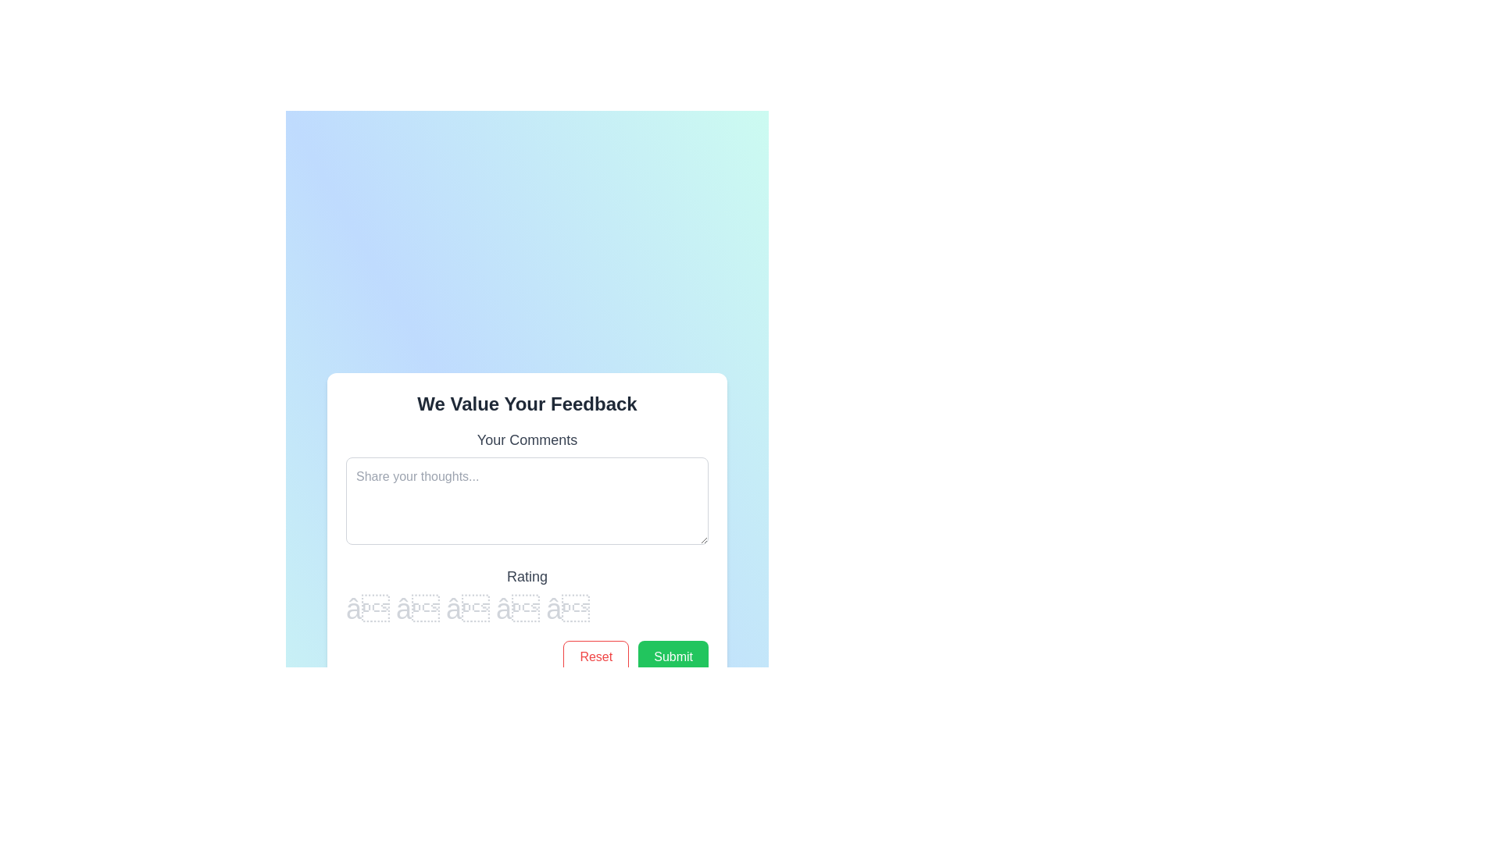 The height and width of the screenshot is (843, 1500). I want to click on the reset button located at the bottom-right of the feedback form, so click(595, 656).